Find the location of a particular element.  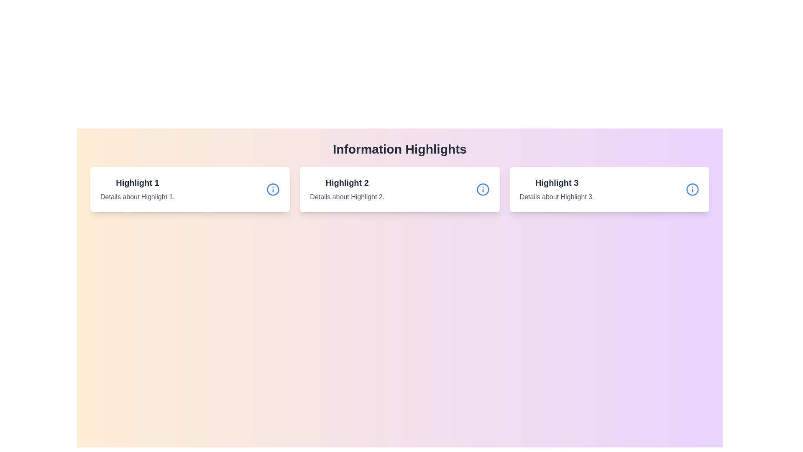

the text label displaying 'Highlight 1' in bold, large font located at the top of the leftmost card in a series of three cards is located at coordinates (137, 182).